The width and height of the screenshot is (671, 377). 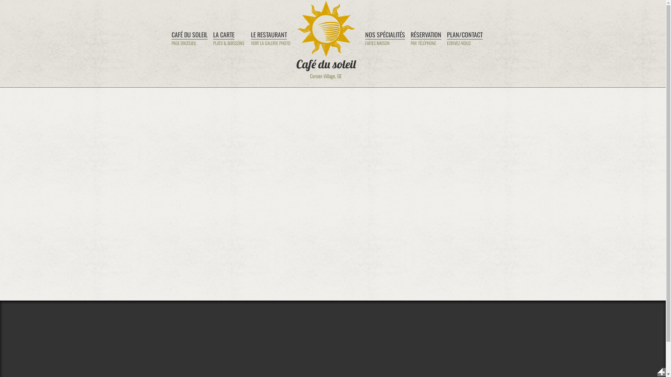 What do you see at coordinates (464, 40) in the screenshot?
I see `'PLAN/CONTACT` at bounding box center [464, 40].